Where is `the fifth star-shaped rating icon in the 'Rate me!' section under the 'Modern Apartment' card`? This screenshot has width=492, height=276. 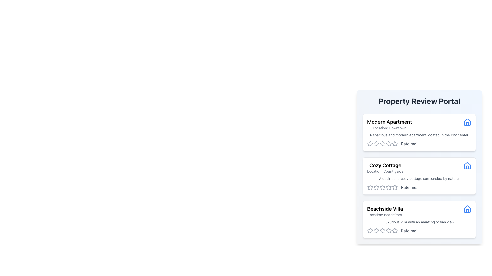
the fifth star-shaped rating icon in the 'Rate me!' section under the 'Modern Apartment' card is located at coordinates (394, 144).